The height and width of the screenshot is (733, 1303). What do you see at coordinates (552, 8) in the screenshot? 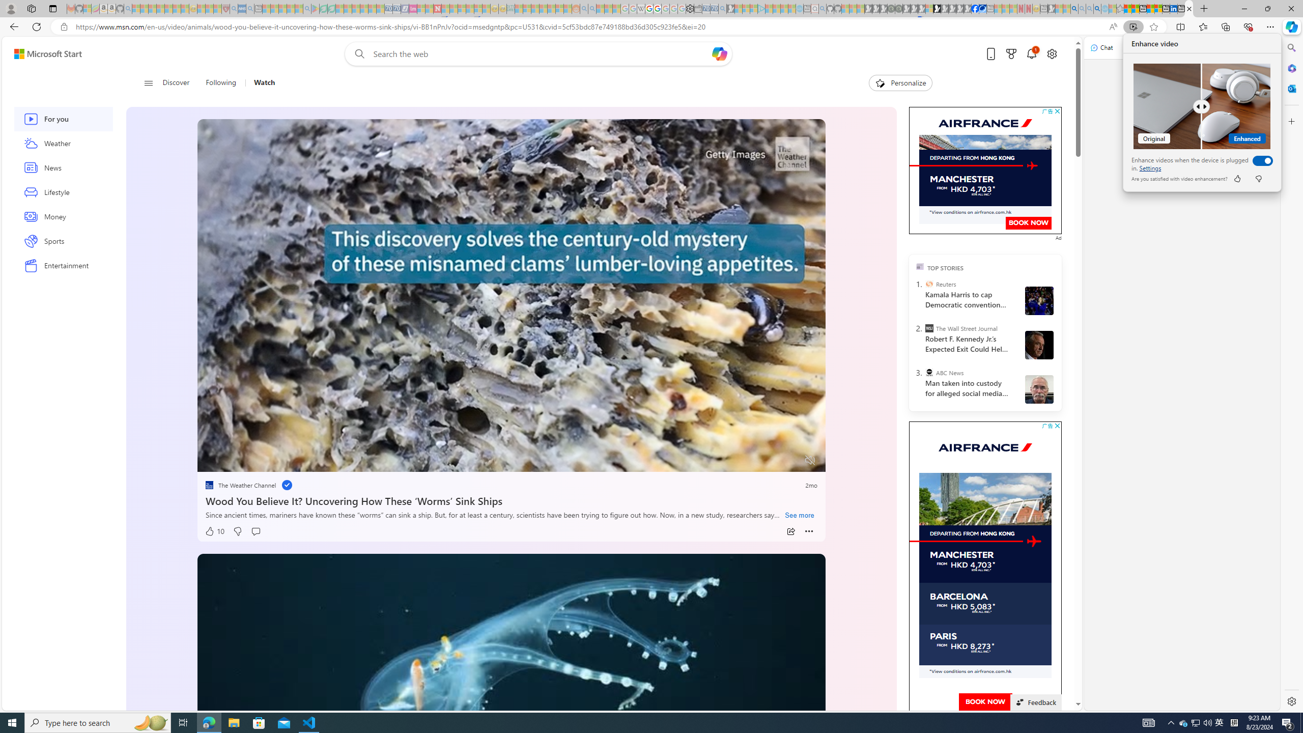
I see `'Kinda Frugal - MSN - Sleeping'` at bounding box center [552, 8].